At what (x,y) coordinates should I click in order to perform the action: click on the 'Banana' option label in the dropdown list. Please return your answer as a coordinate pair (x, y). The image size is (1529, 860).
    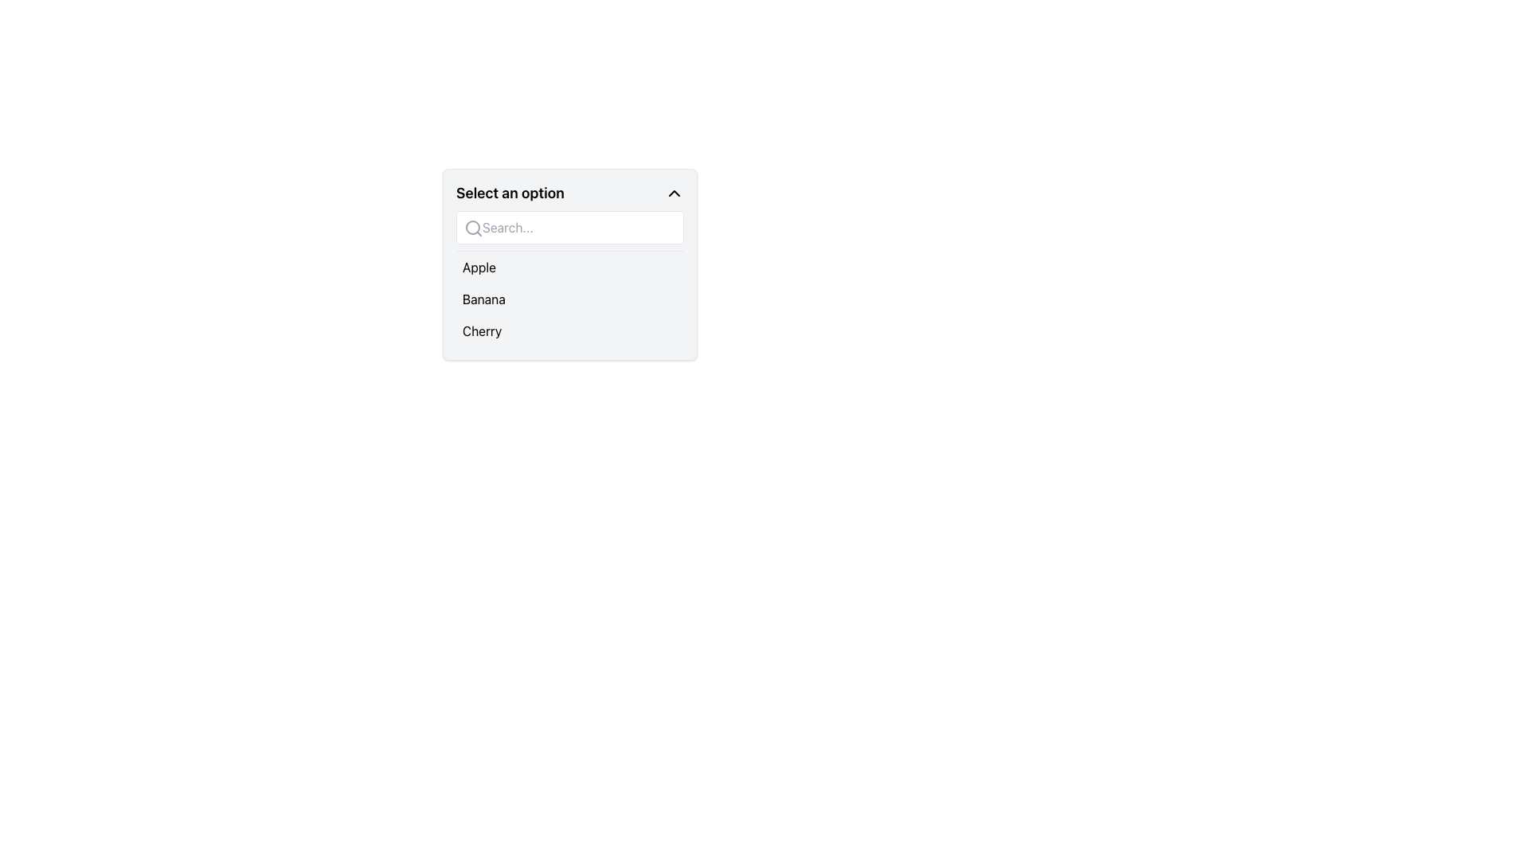
    Looking at the image, I should click on (483, 299).